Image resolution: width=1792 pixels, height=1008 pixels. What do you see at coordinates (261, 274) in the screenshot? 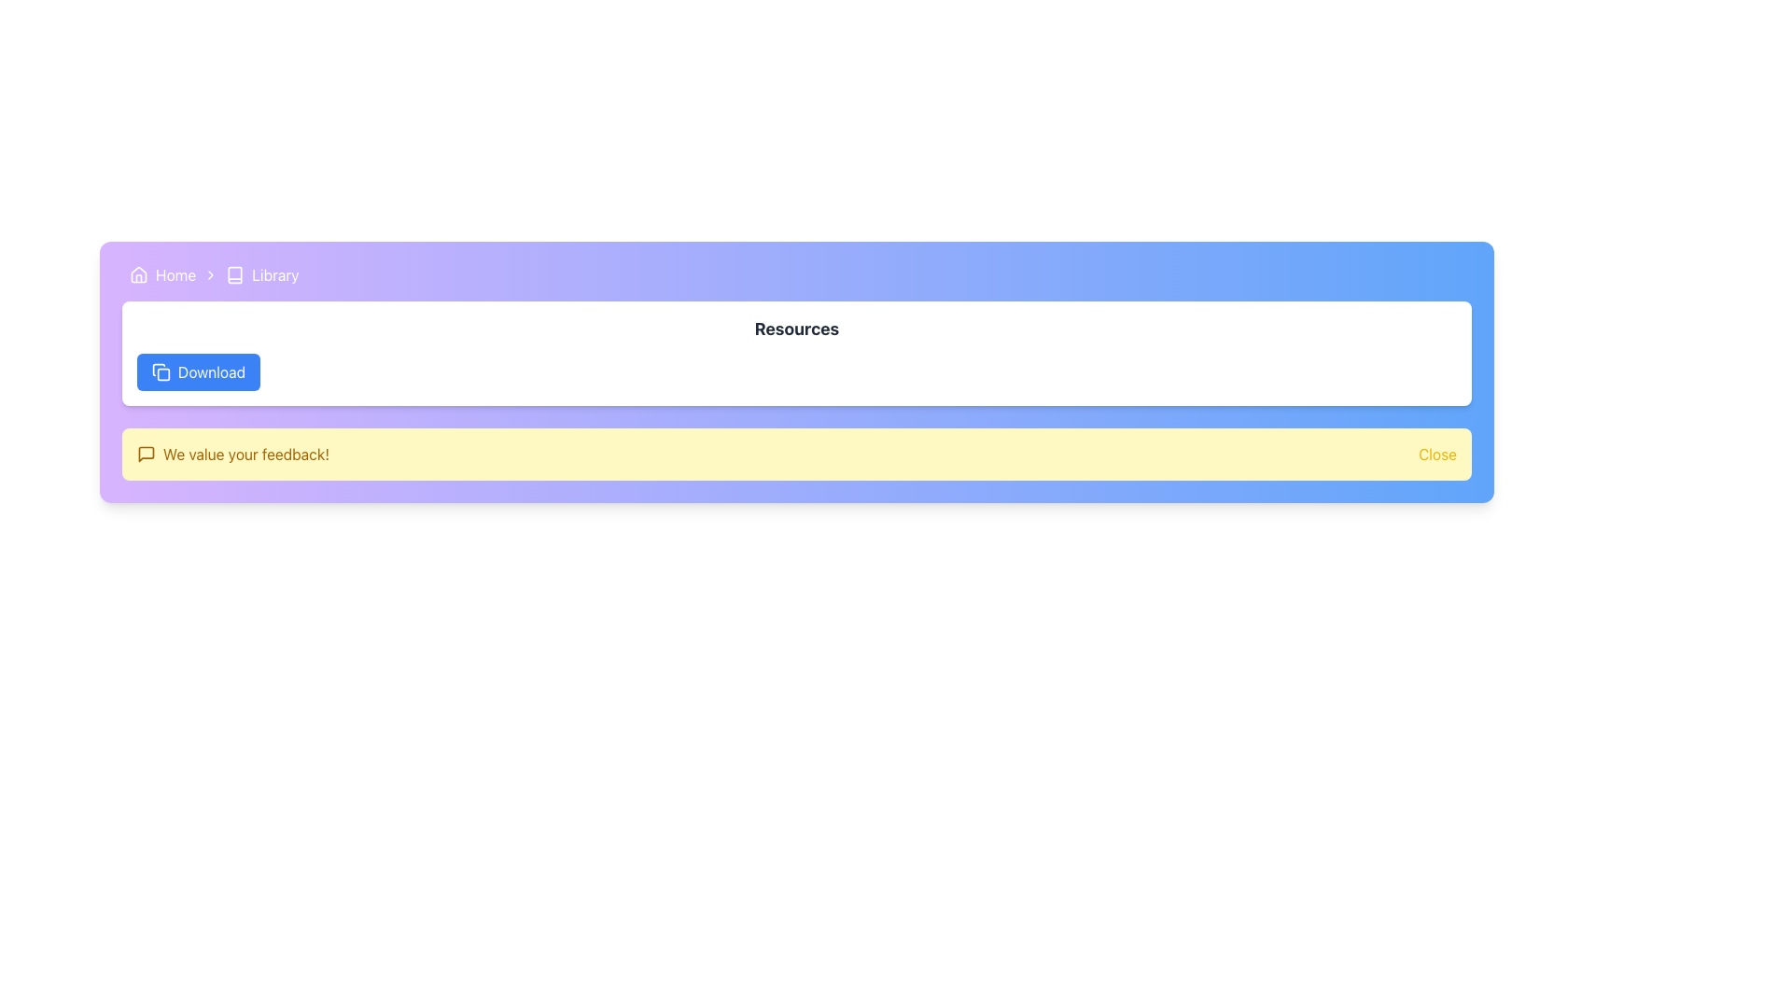
I see `the navigational button that directs users to the 'Library' section, located to the right of the 'Home' link and the chevron icon, triggering hover effects` at bounding box center [261, 274].